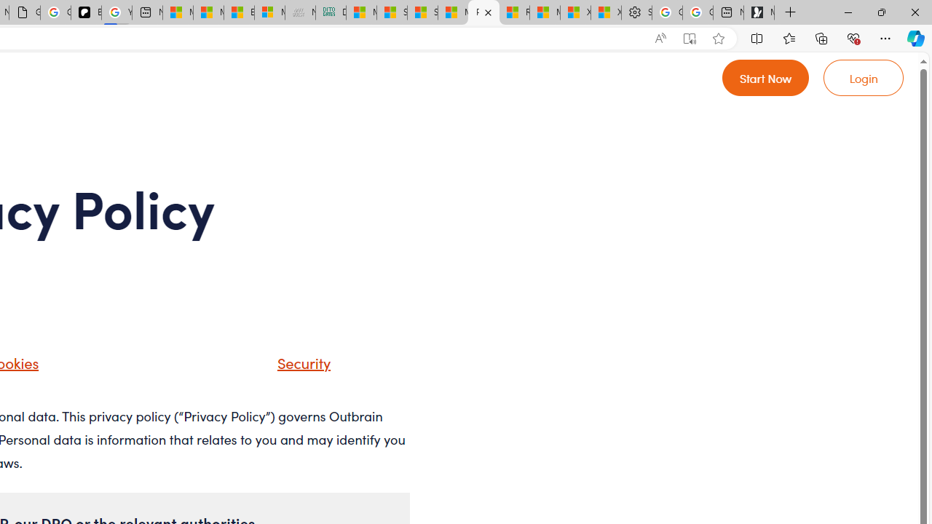 This screenshot has width=932, height=524. I want to click on 'R******* | Trusted Community Engagement and Contributions', so click(514, 12).